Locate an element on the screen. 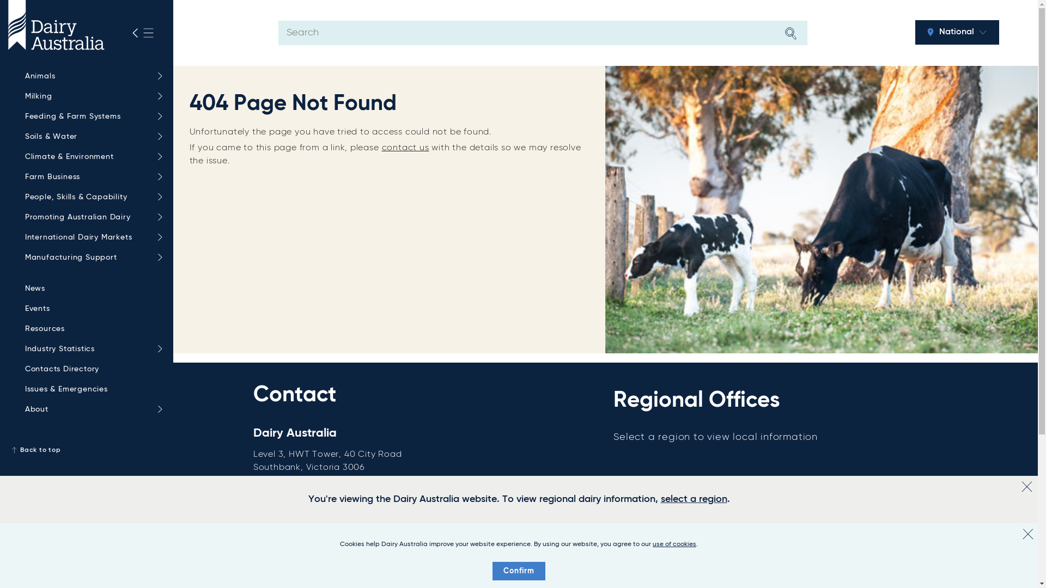  'select a region' is located at coordinates (692, 499).